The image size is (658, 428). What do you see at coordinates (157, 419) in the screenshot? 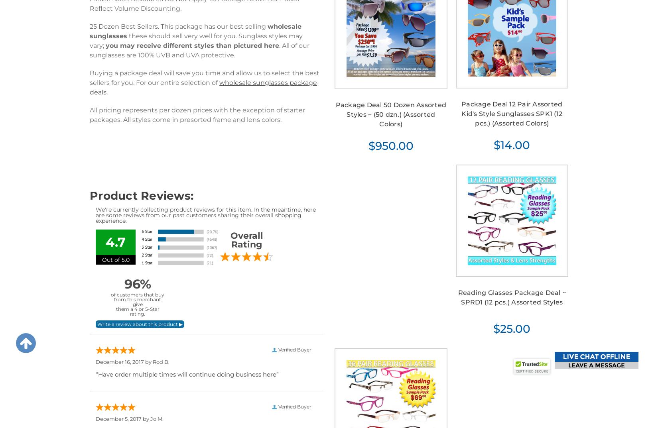
I see `'Jo M.'` at bounding box center [157, 419].